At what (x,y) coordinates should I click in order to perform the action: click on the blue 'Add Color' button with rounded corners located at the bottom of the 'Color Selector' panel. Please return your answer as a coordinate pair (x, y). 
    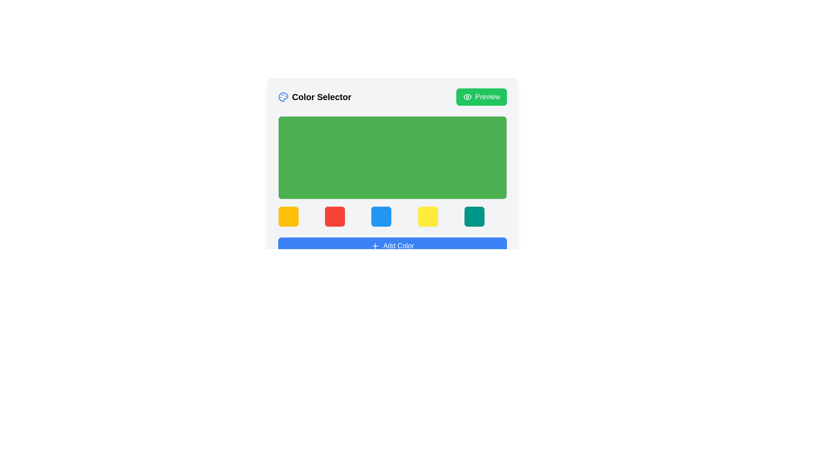
    Looking at the image, I should click on (392, 246).